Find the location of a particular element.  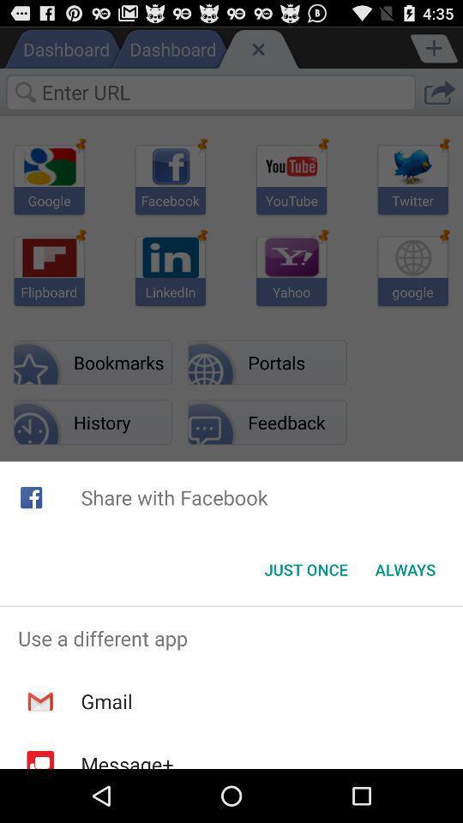

the gmail app is located at coordinates (106, 701).